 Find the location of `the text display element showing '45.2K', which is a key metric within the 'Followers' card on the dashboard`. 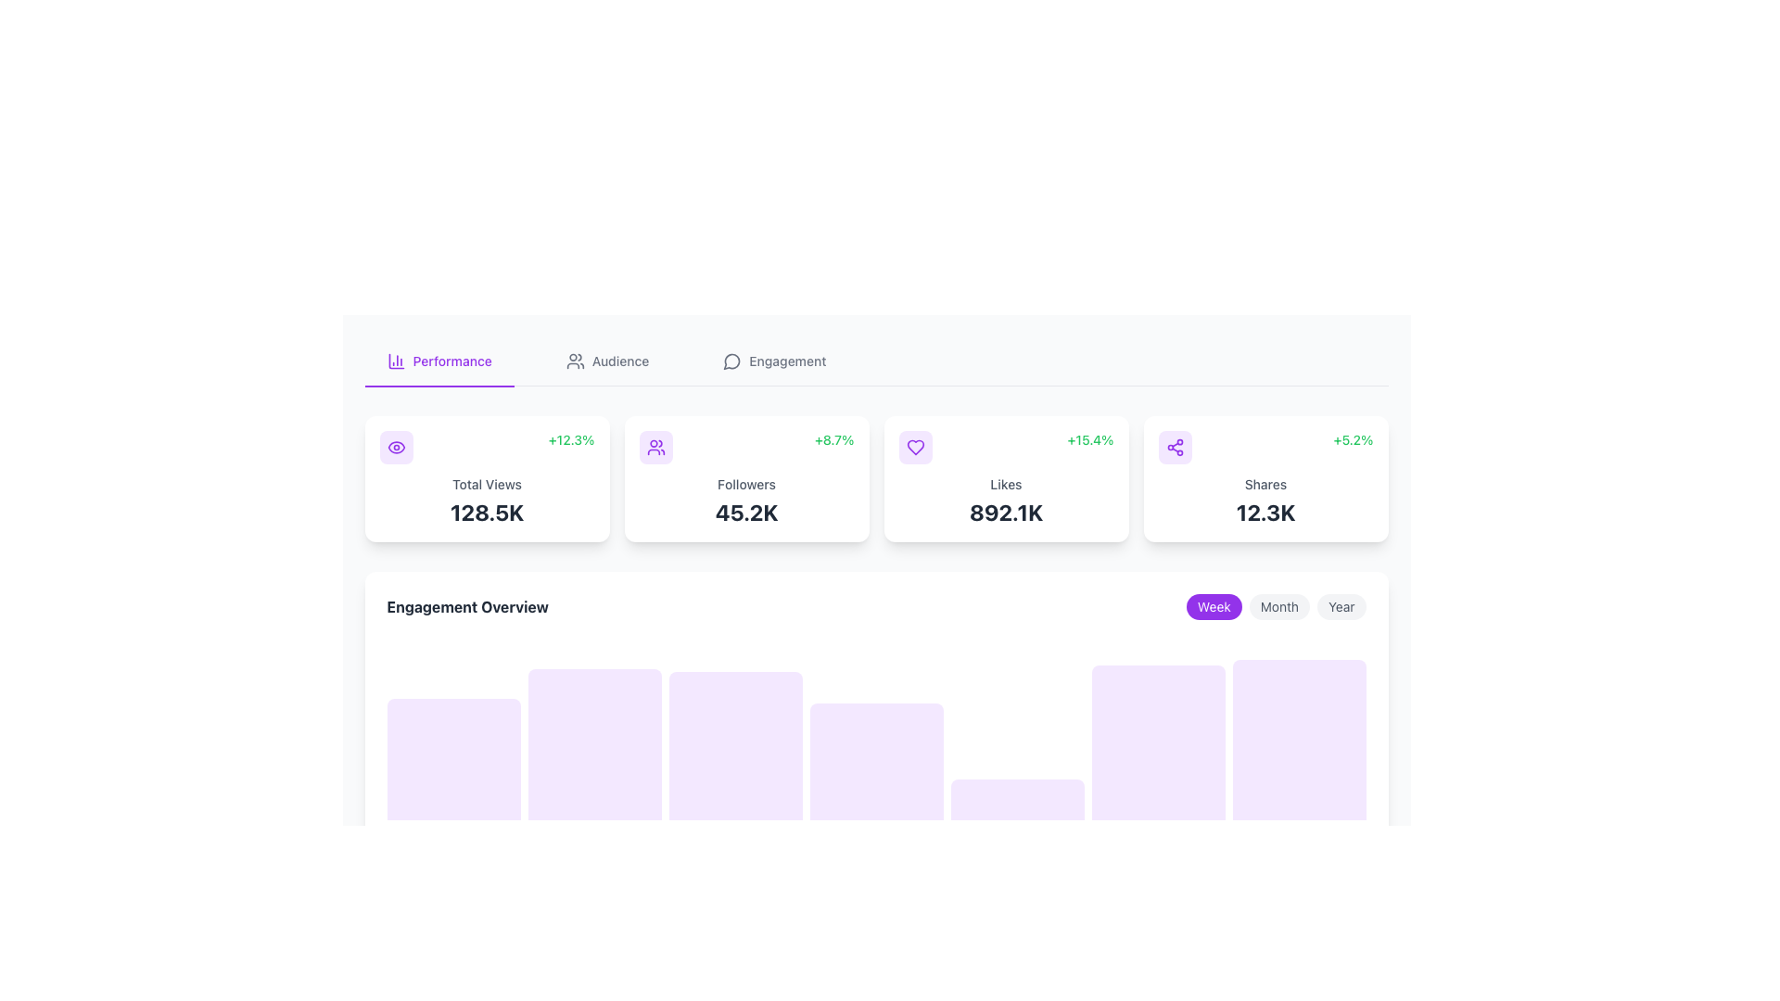

the text display element showing '45.2K', which is a key metric within the 'Followers' card on the dashboard is located at coordinates (746, 512).